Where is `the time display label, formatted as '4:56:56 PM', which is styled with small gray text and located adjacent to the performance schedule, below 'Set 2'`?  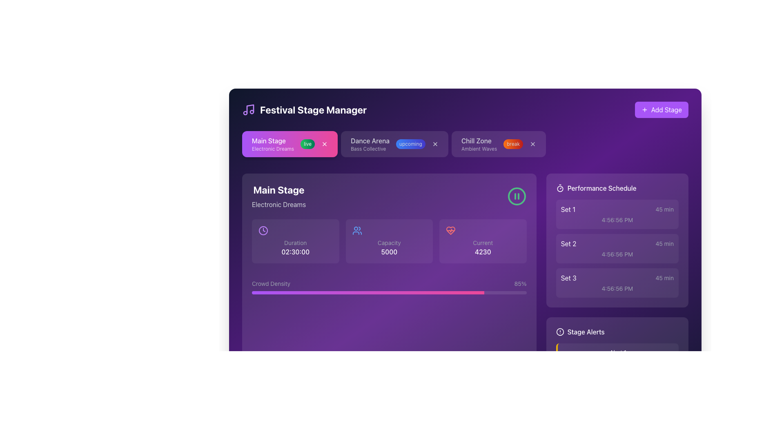 the time display label, formatted as '4:56:56 PM', which is styled with small gray text and located adjacent to the performance schedule, below 'Set 2' is located at coordinates (617, 254).